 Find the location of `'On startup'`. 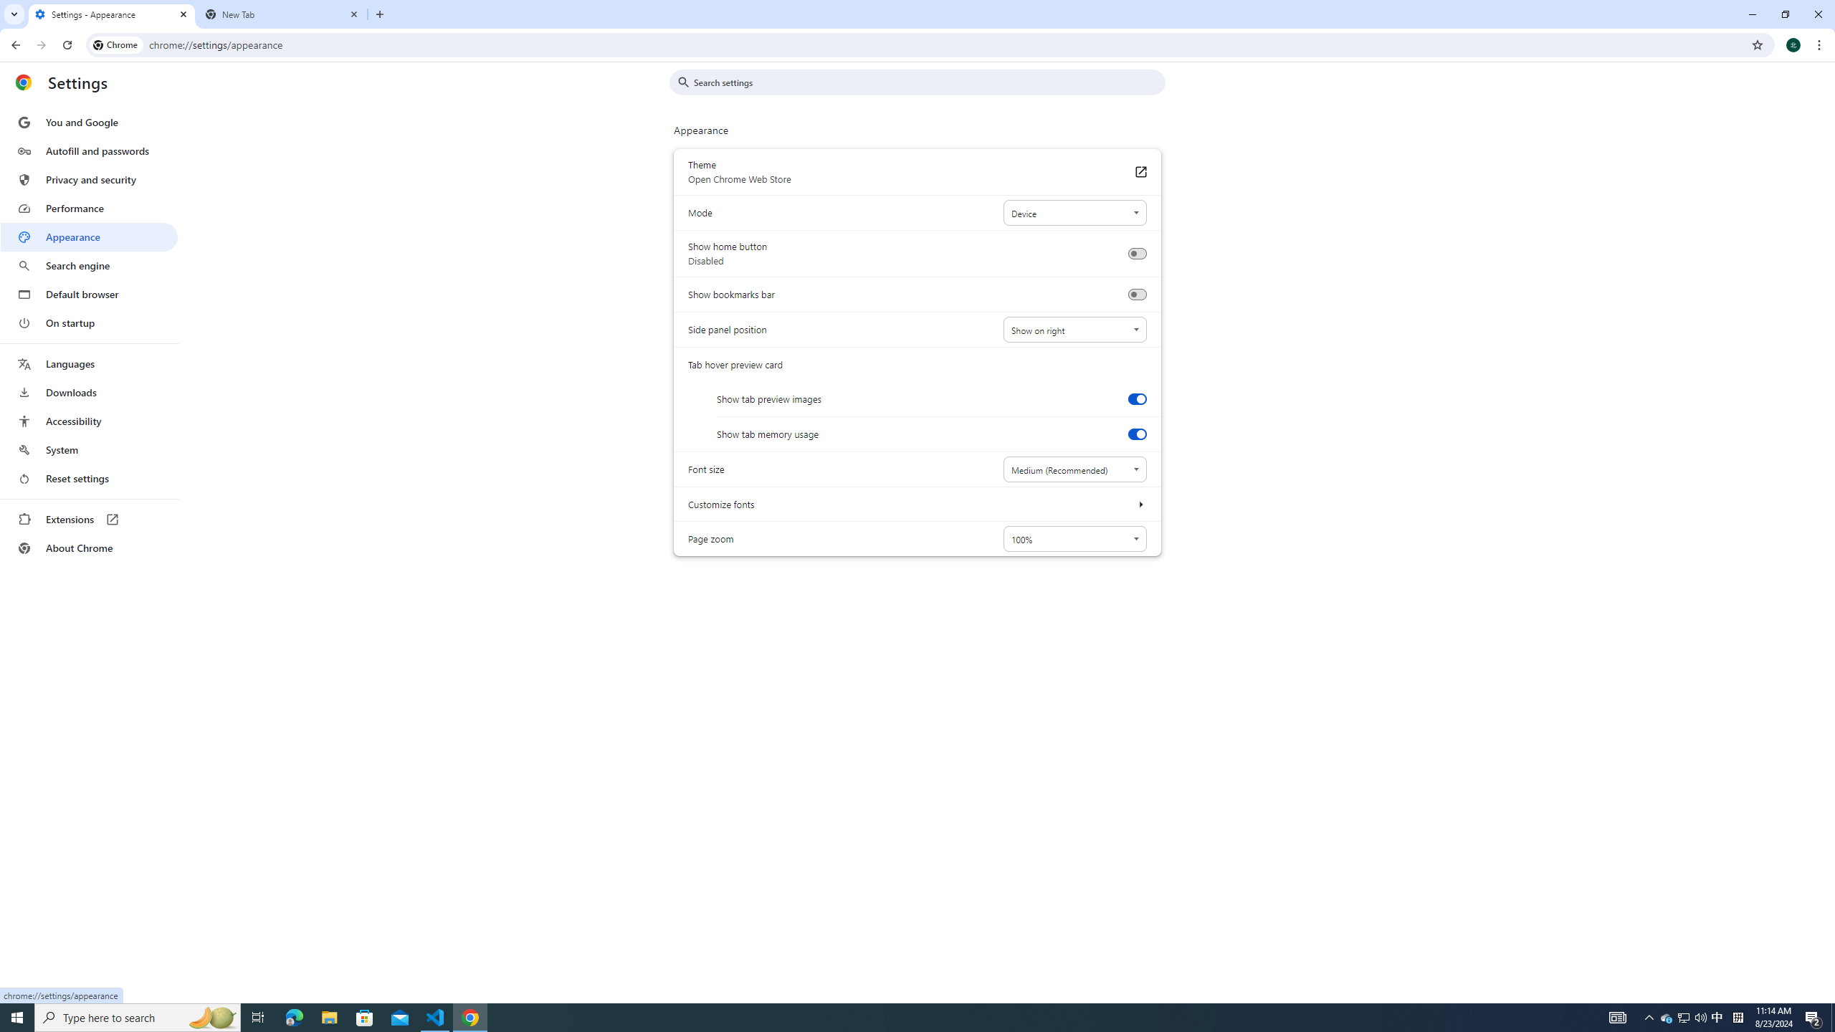

'On startup' is located at coordinates (88, 322).